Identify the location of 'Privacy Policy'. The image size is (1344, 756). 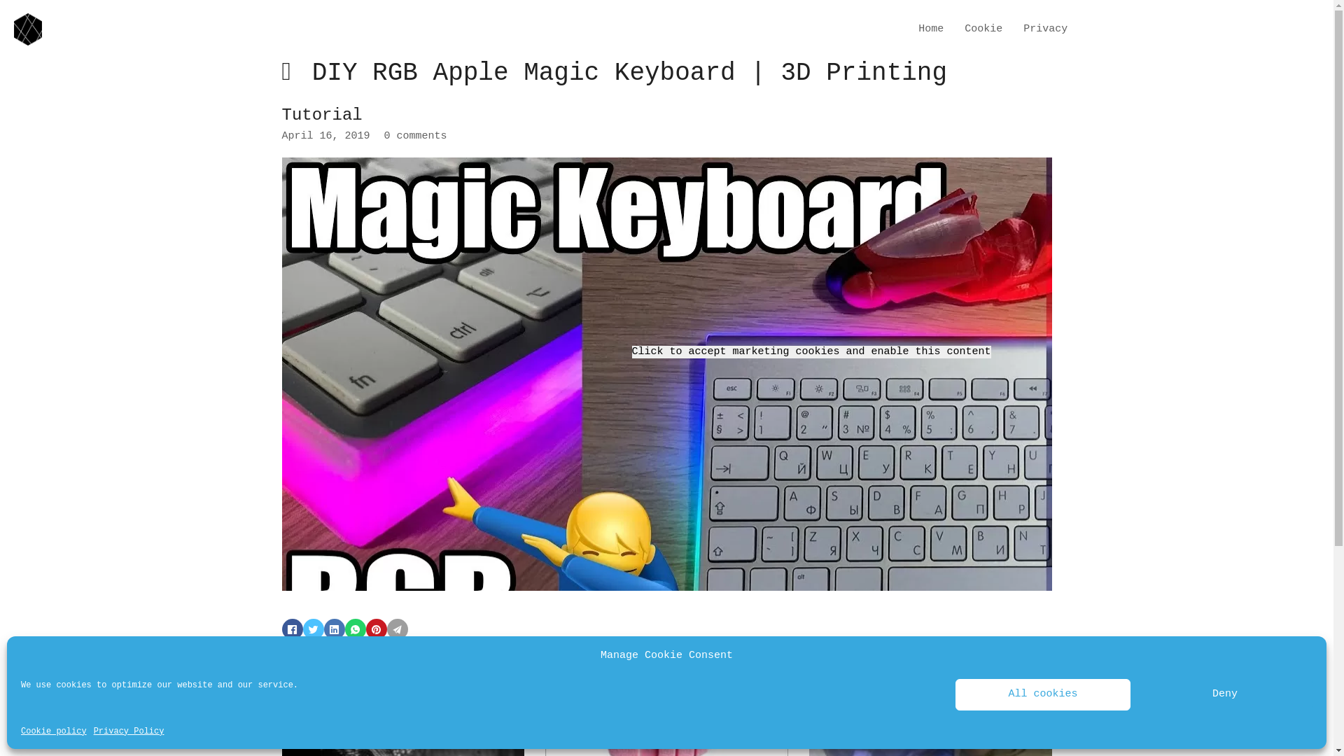
(129, 731).